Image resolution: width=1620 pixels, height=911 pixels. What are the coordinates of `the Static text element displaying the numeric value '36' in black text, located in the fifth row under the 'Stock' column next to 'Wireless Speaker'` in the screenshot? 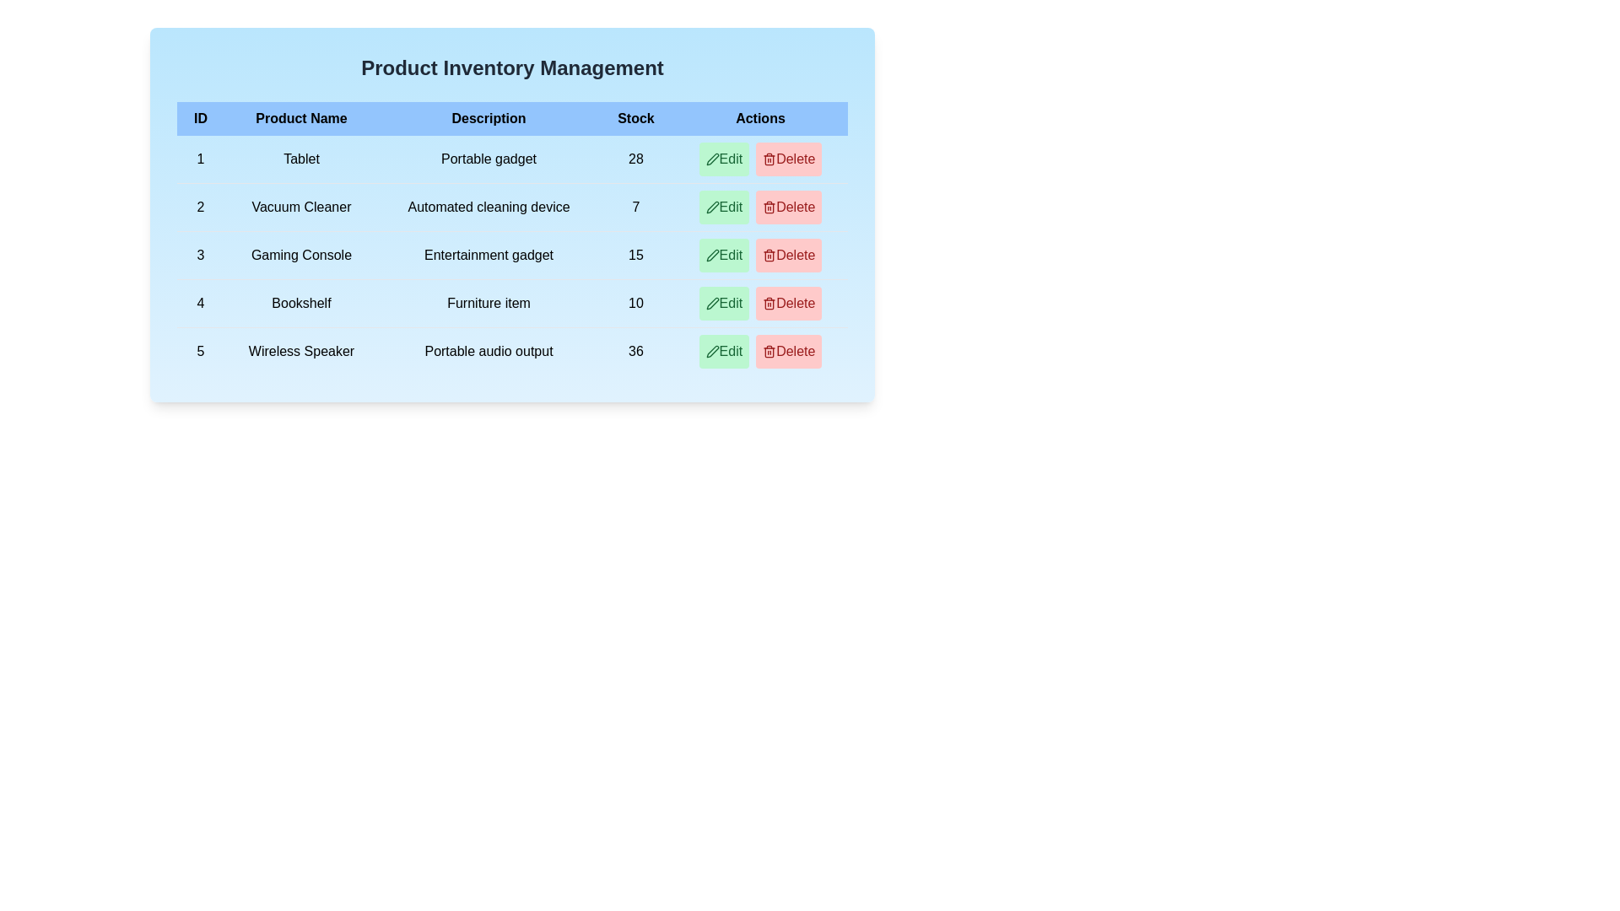 It's located at (634, 350).